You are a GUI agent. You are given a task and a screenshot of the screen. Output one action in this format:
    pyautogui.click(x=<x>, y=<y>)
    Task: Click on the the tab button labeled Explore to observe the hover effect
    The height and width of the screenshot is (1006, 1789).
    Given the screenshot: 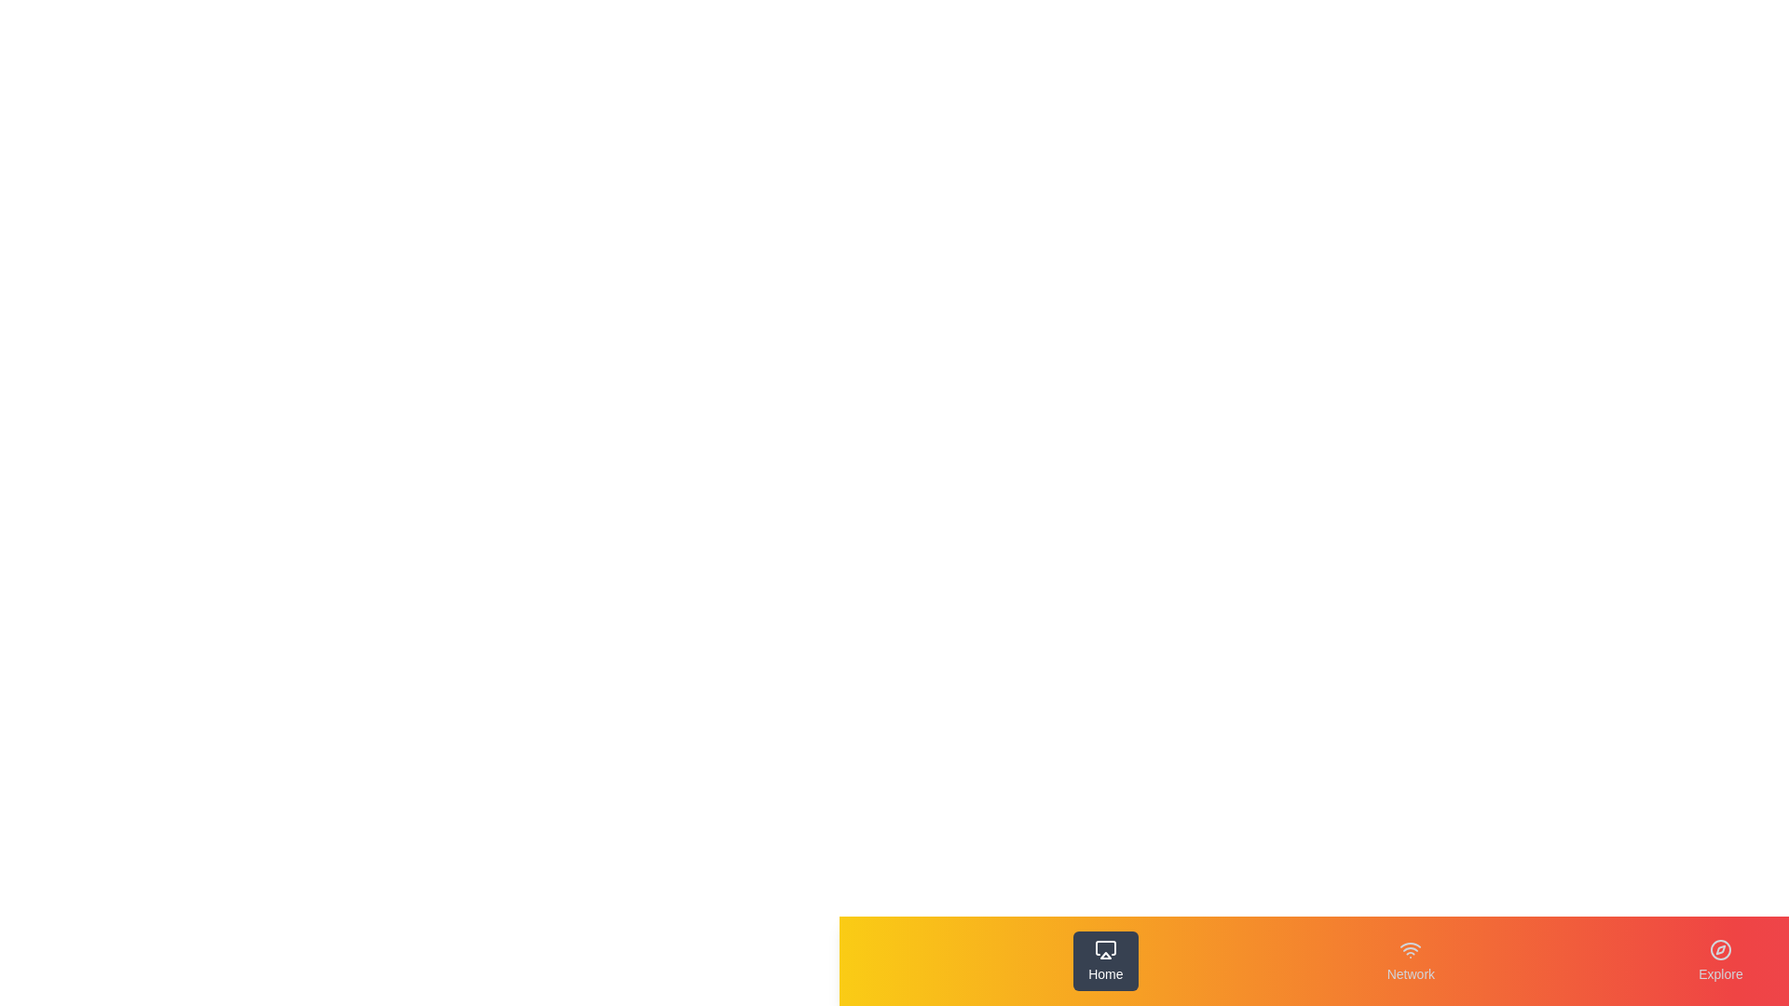 What is the action you would take?
    pyautogui.click(x=1720, y=961)
    